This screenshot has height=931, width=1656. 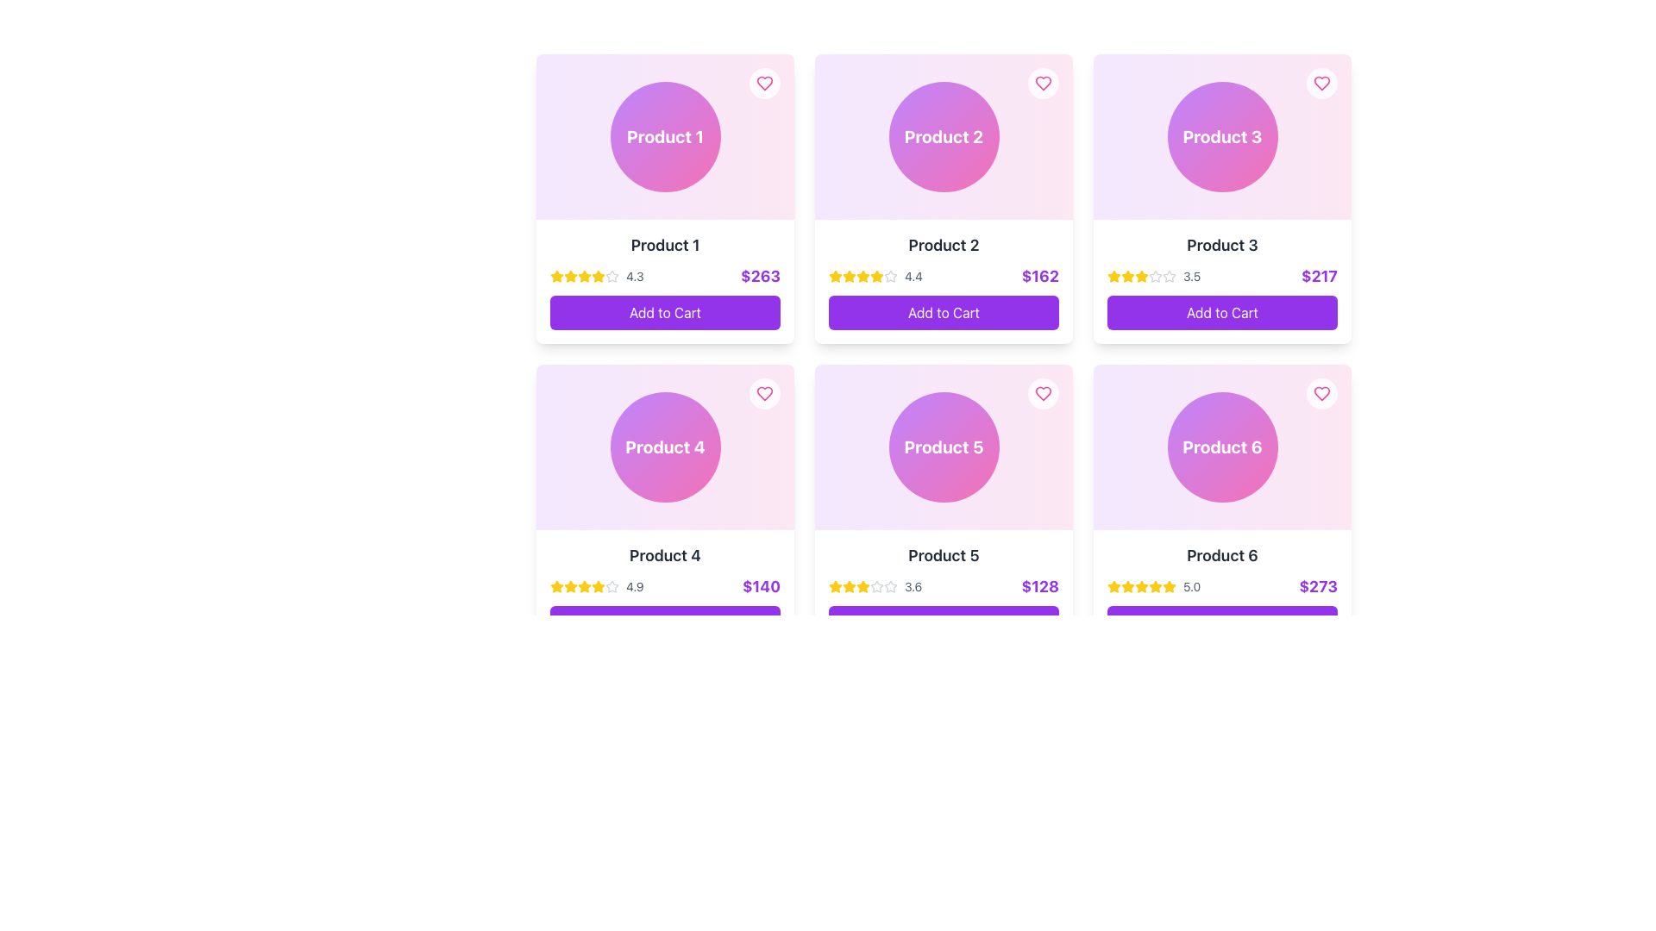 I want to click on the graphical icon with embedded text in the 'Product 6' card, located in the bottom-right corner of the product card layout, so click(x=1221, y=447).